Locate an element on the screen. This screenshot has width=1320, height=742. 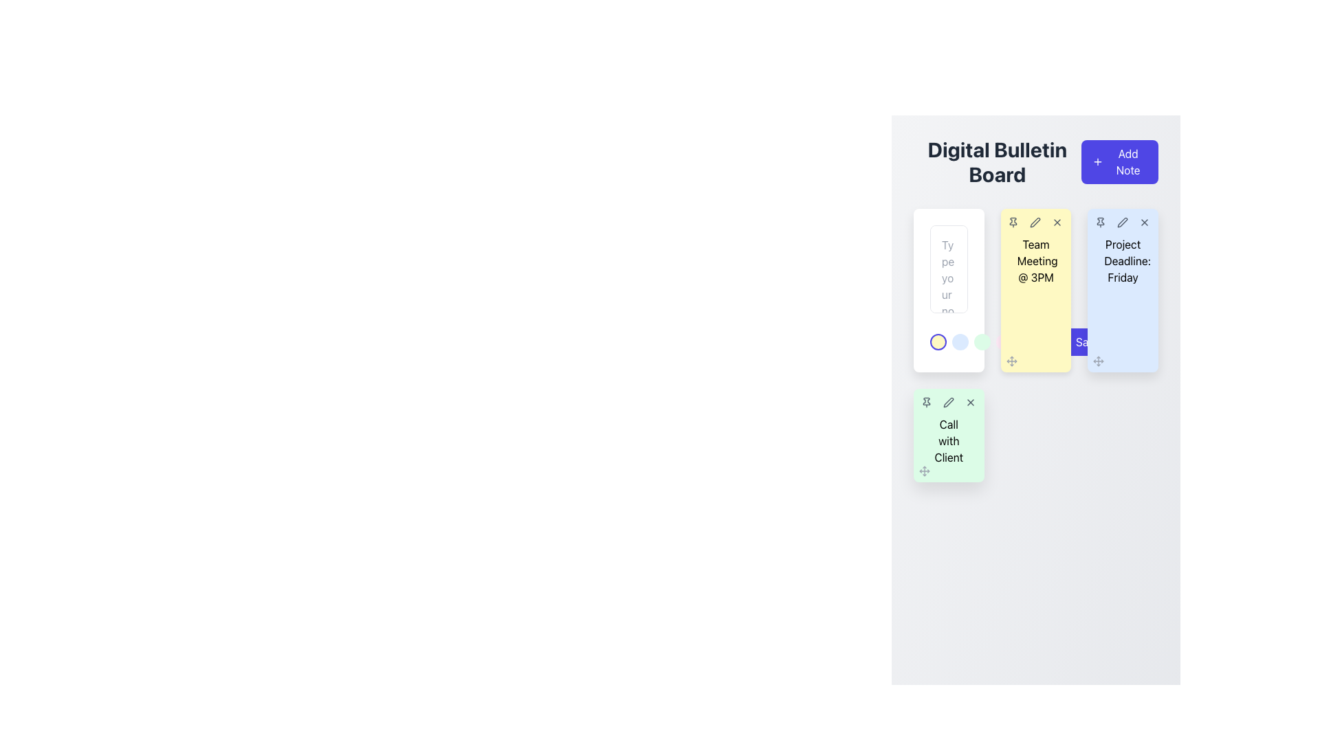
the small icon in the bottom-left corner of the 'Call with Client' card, which resembles four arrows pointing outward is located at coordinates (924, 471).